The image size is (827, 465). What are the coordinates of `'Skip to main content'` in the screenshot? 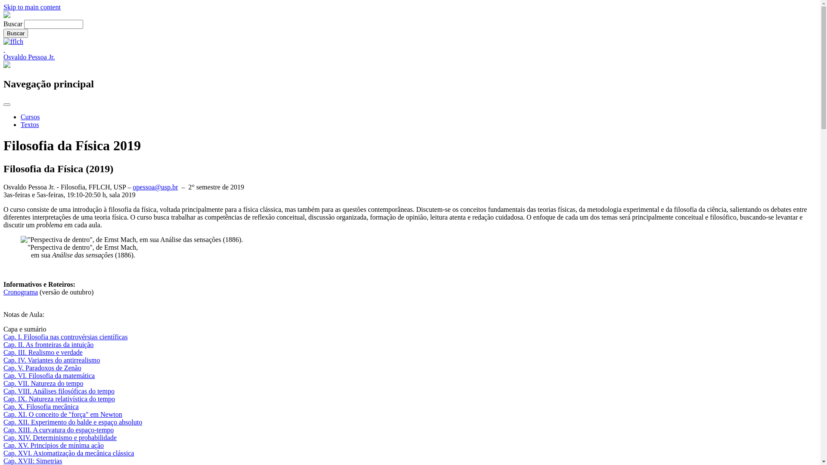 It's located at (32, 7).